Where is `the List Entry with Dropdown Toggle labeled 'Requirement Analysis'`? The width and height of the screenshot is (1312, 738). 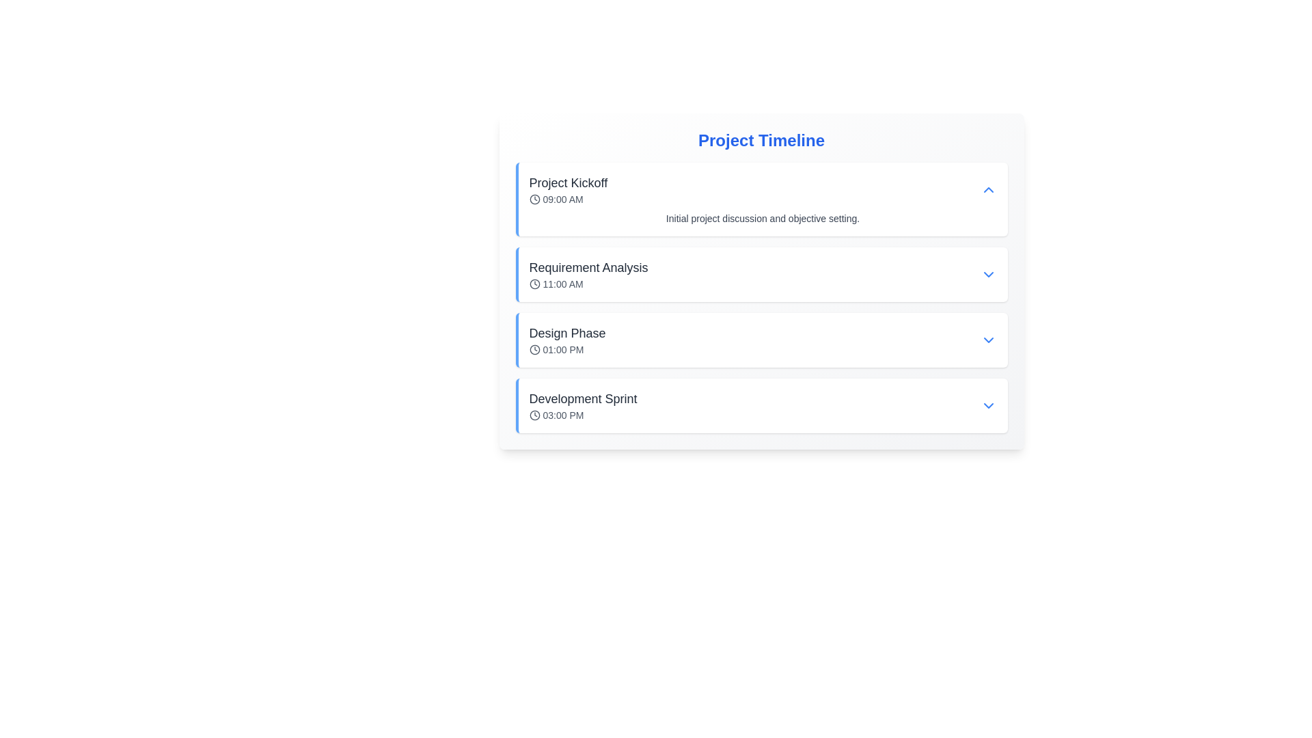
the List Entry with Dropdown Toggle labeled 'Requirement Analysis' is located at coordinates (762, 274).